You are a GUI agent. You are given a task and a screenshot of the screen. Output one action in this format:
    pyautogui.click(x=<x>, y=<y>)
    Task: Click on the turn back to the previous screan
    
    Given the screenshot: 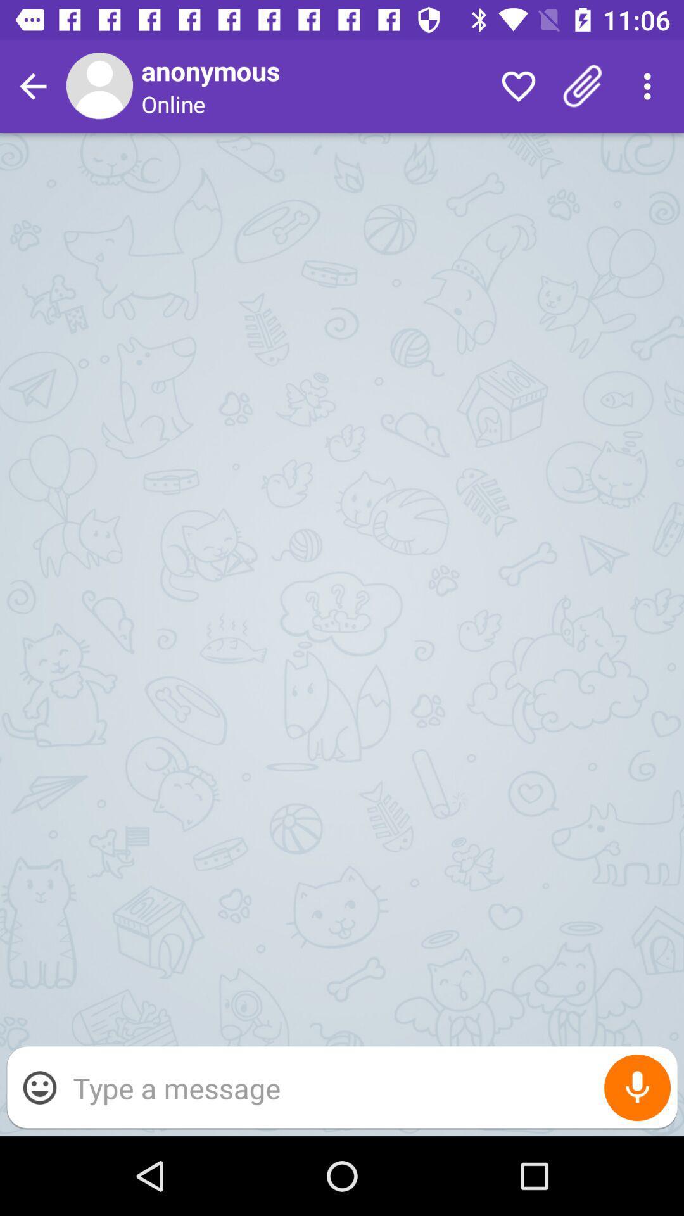 What is the action you would take?
    pyautogui.click(x=32, y=85)
    